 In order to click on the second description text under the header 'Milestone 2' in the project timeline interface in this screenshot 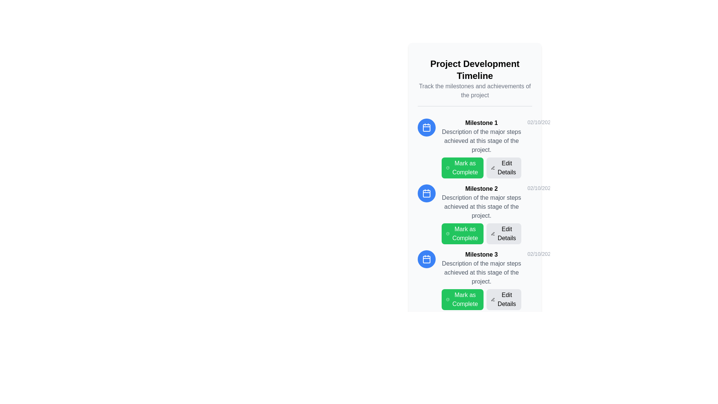, I will do `click(481, 206)`.